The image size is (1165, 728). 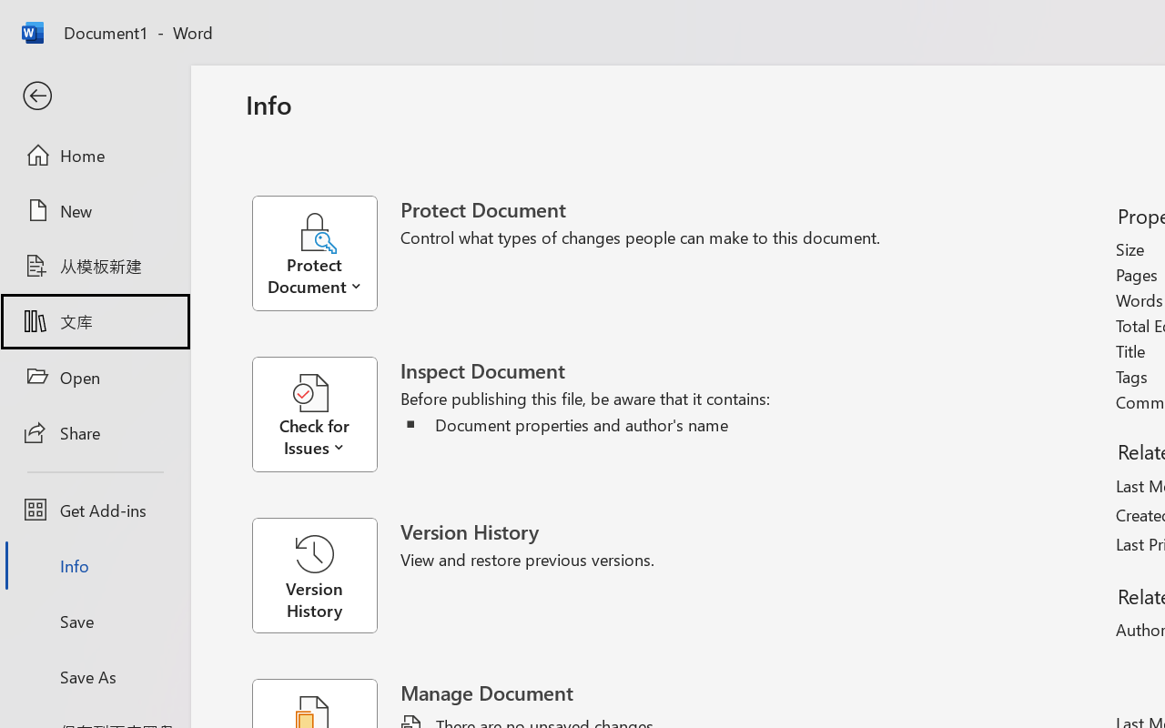 I want to click on 'Get Add-ins', so click(x=94, y=510).